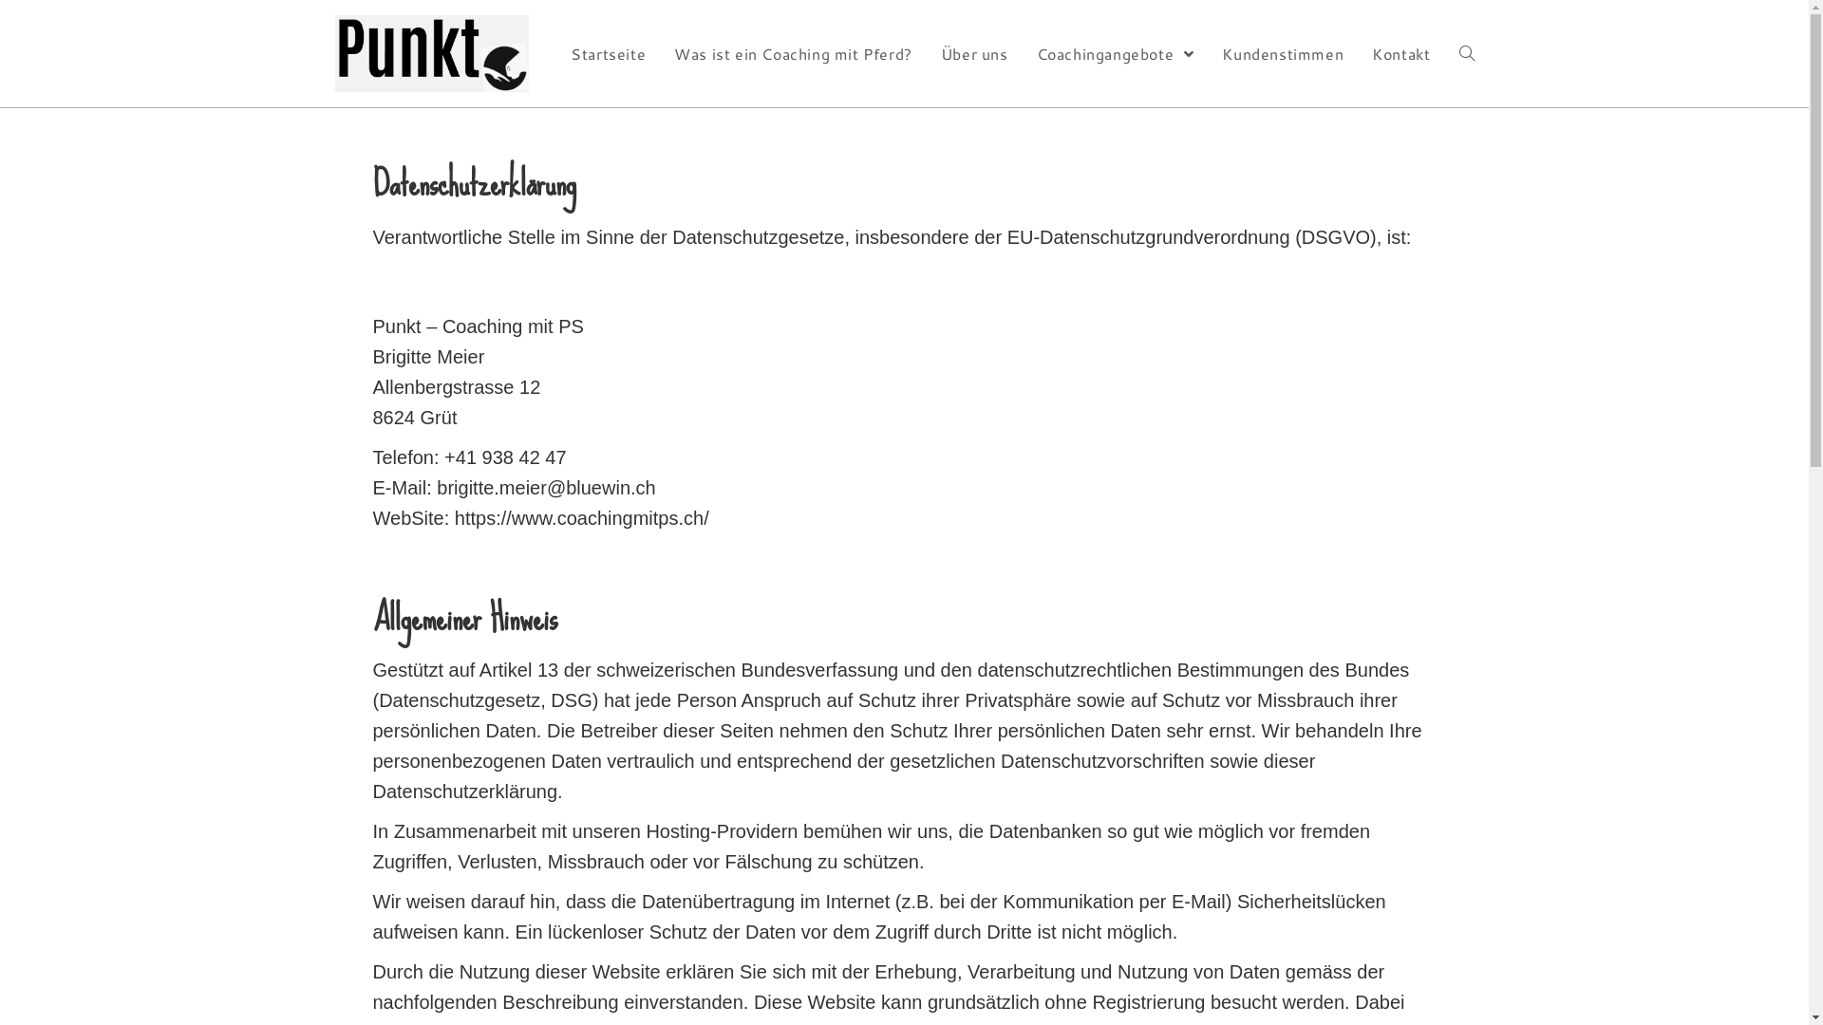 Image resolution: width=1823 pixels, height=1025 pixels. What do you see at coordinates (554, 52) in the screenshot?
I see `'Startseite'` at bounding box center [554, 52].